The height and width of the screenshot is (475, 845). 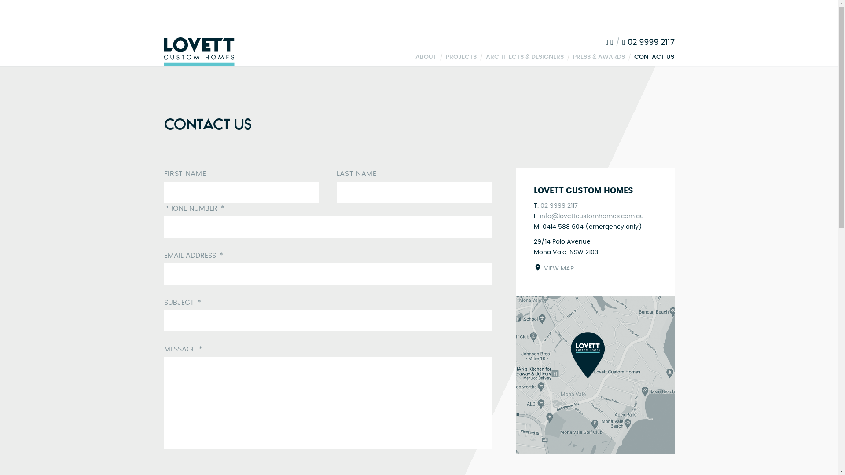 What do you see at coordinates (445, 57) in the screenshot?
I see `'PROJECTS'` at bounding box center [445, 57].